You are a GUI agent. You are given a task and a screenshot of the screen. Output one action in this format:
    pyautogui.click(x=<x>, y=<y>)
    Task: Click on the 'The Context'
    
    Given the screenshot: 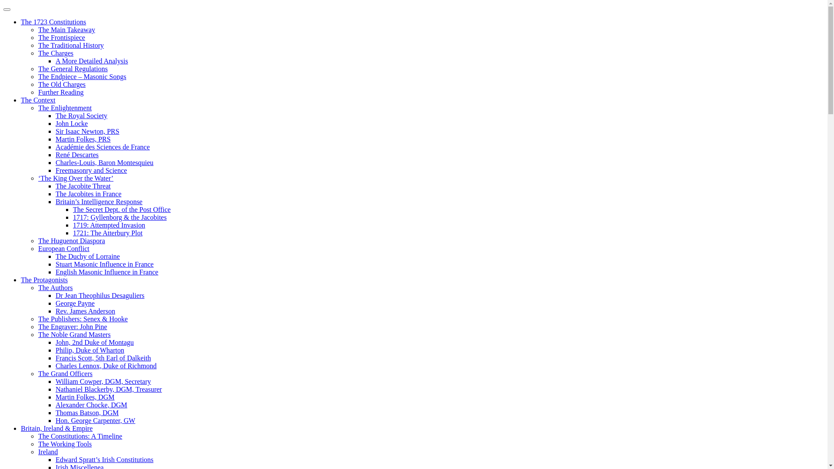 What is the action you would take?
    pyautogui.click(x=37, y=99)
    